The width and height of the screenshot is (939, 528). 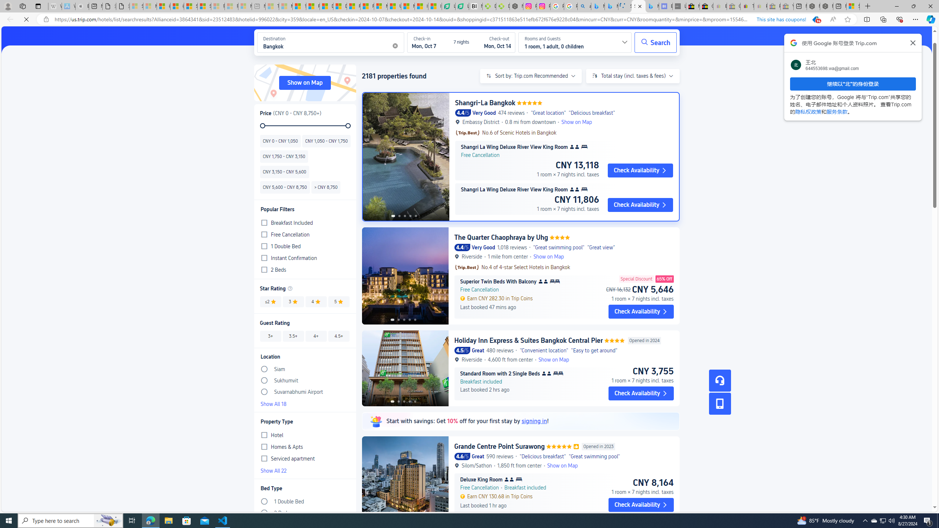 I want to click on 'Check-inMon, Oct 77 nightsCheck-outMon, Oct 147 nights', so click(x=461, y=42).